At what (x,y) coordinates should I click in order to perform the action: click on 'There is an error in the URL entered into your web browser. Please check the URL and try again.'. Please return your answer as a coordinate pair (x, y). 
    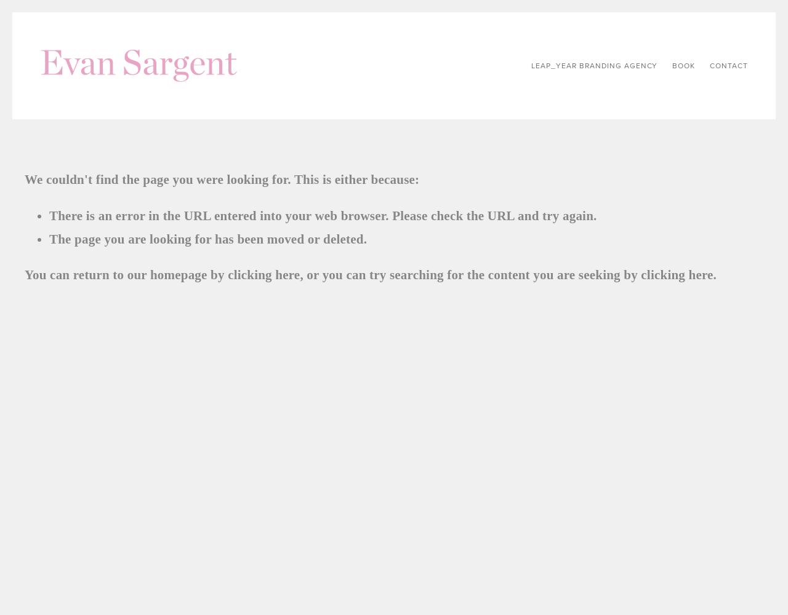
    Looking at the image, I should click on (49, 215).